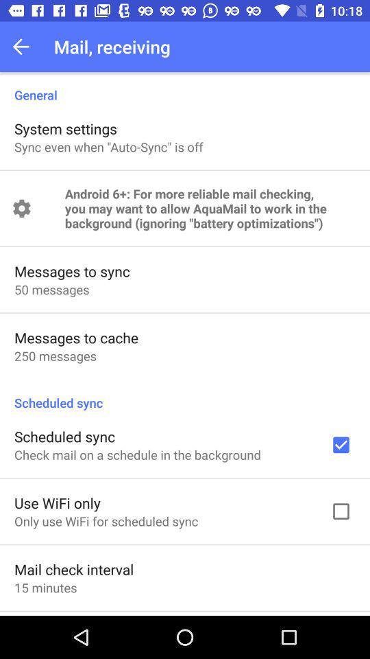 The image size is (370, 659). I want to click on app above android 6 for item, so click(108, 147).